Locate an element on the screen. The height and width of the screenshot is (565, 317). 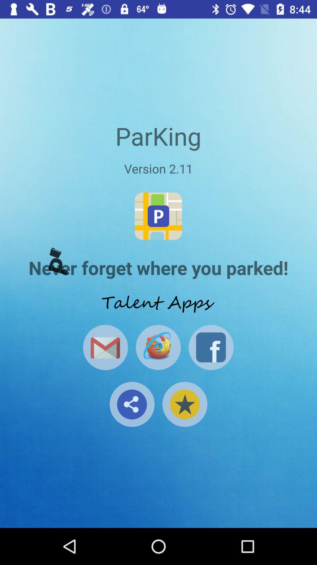
to favorite is located at coordinates (184, 404).